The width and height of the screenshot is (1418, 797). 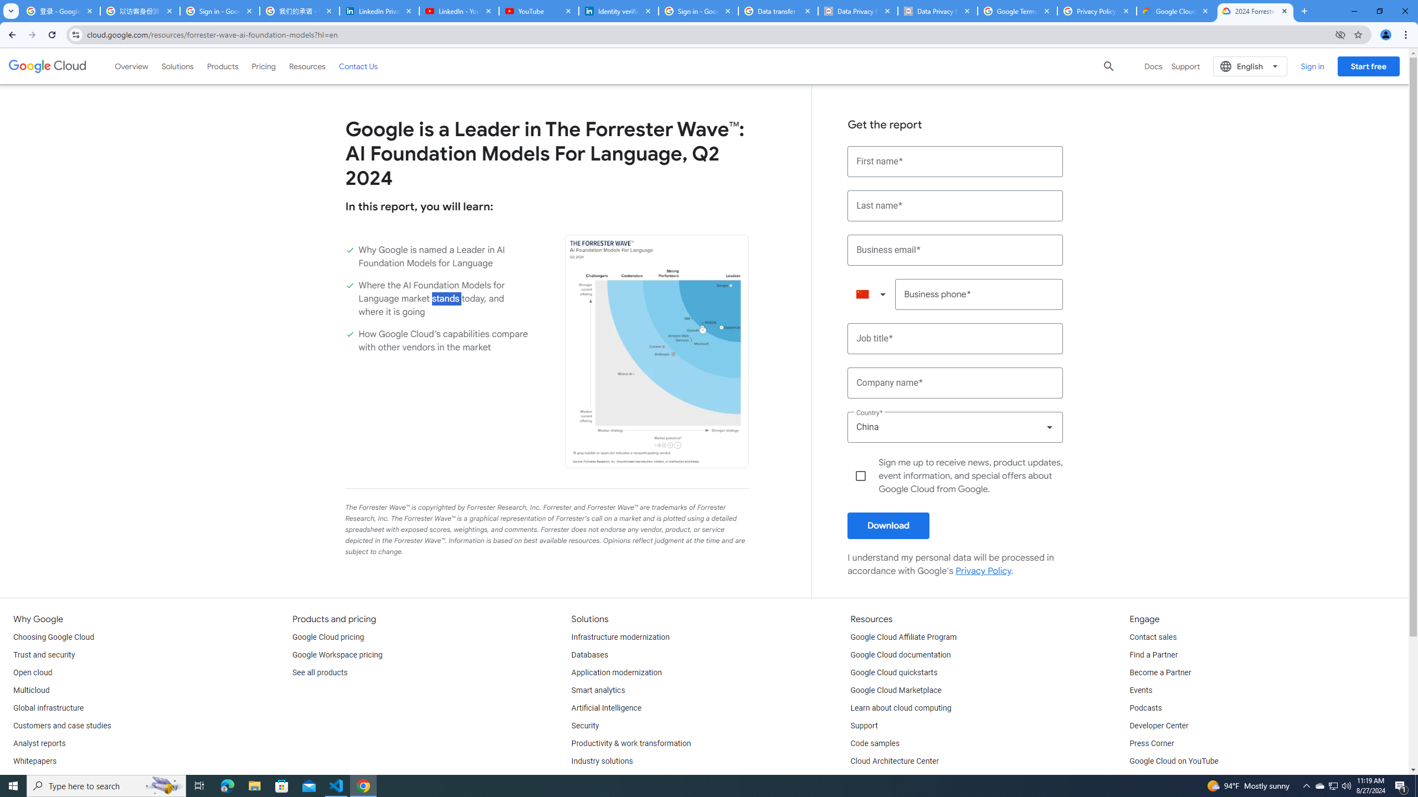 I want to click on 'First name*', so click(x=955, y=161).